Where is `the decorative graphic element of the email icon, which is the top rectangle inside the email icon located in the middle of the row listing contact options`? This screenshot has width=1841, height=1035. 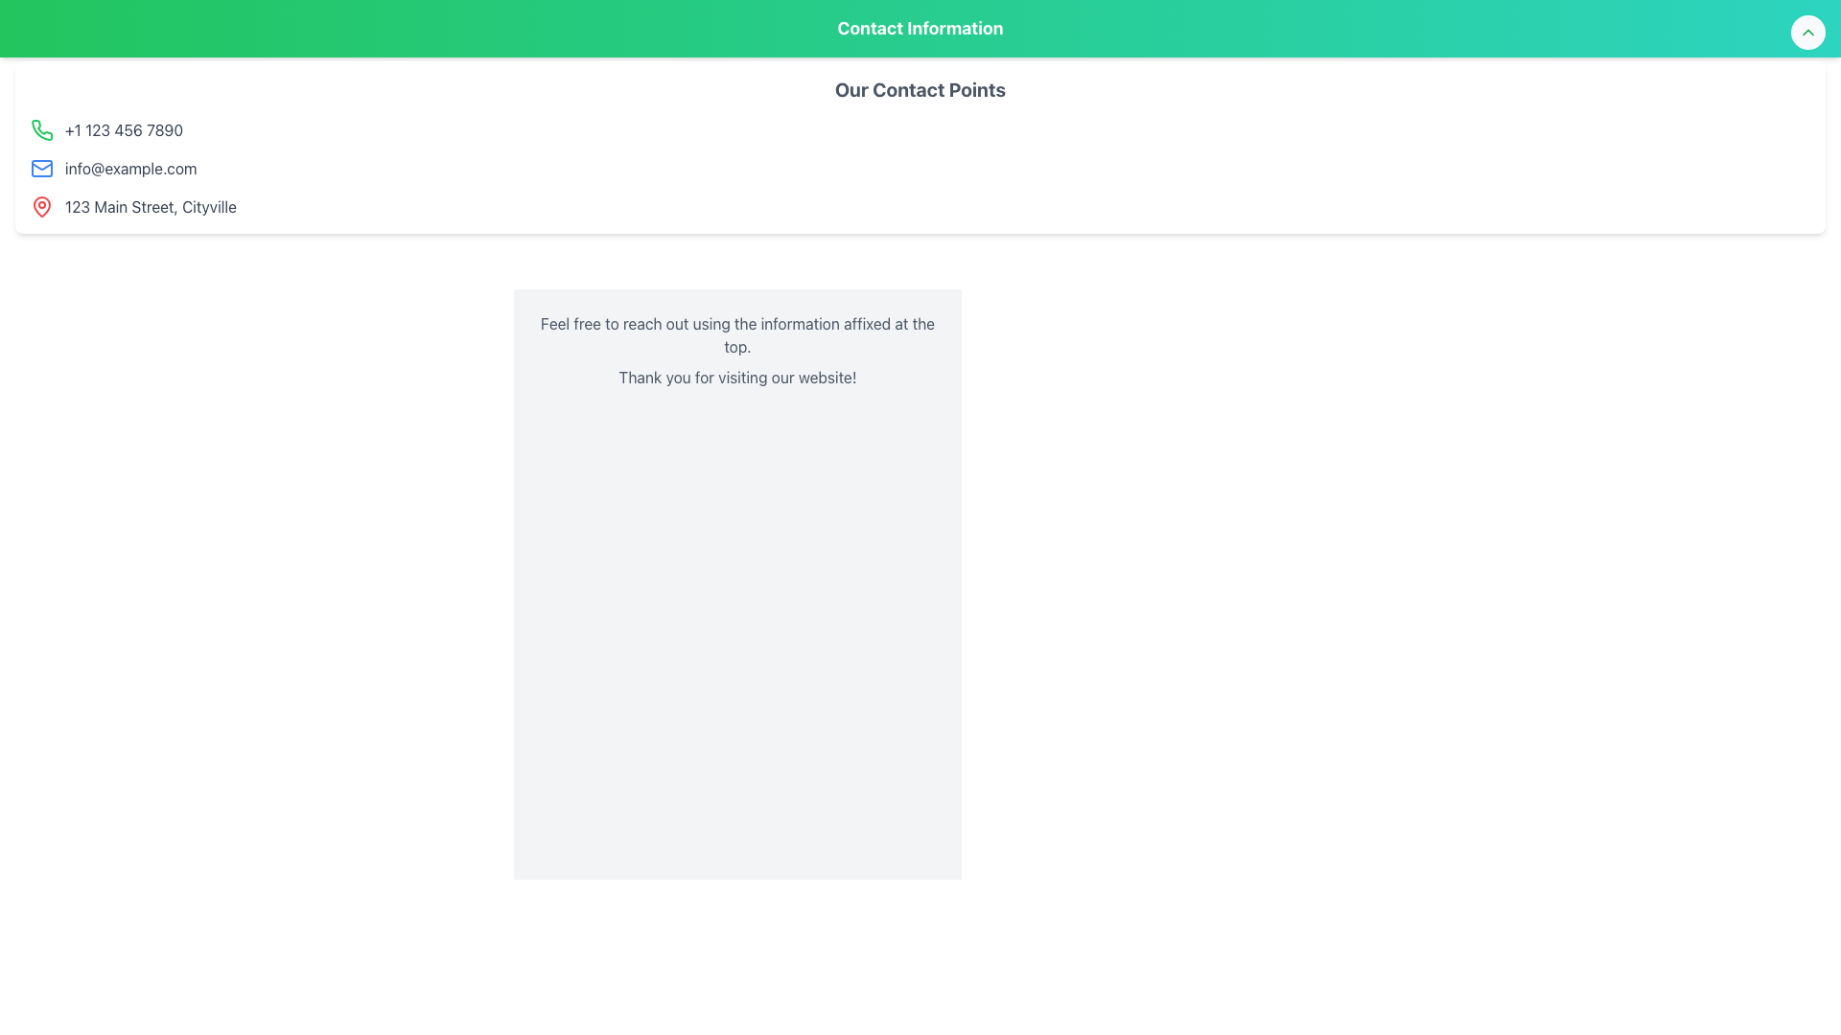
the decorative graphic element of the email icon, which is the top rectangle inside the email icon located in the middle of the row listing contact options is located at coordinates (41, 168).